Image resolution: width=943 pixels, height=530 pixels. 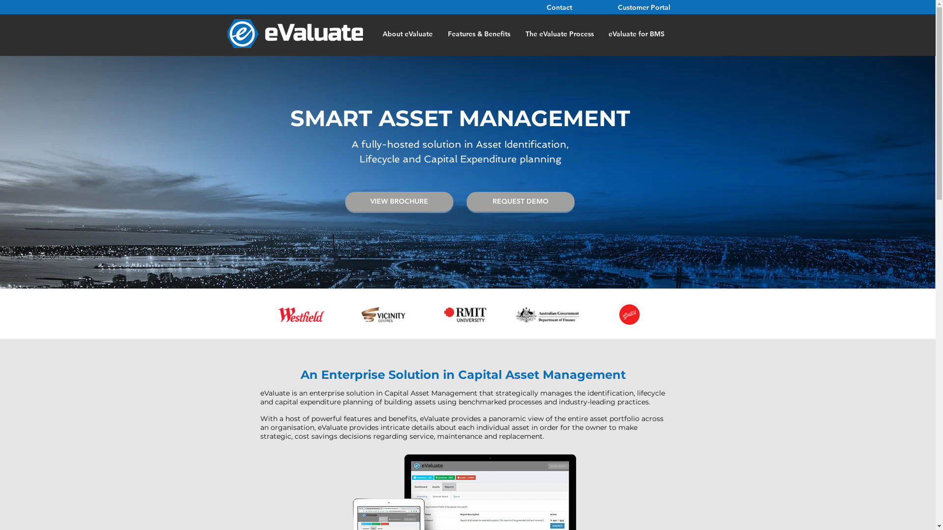 I want to click on 'Features & Benefits', so click(x=440, y=32).